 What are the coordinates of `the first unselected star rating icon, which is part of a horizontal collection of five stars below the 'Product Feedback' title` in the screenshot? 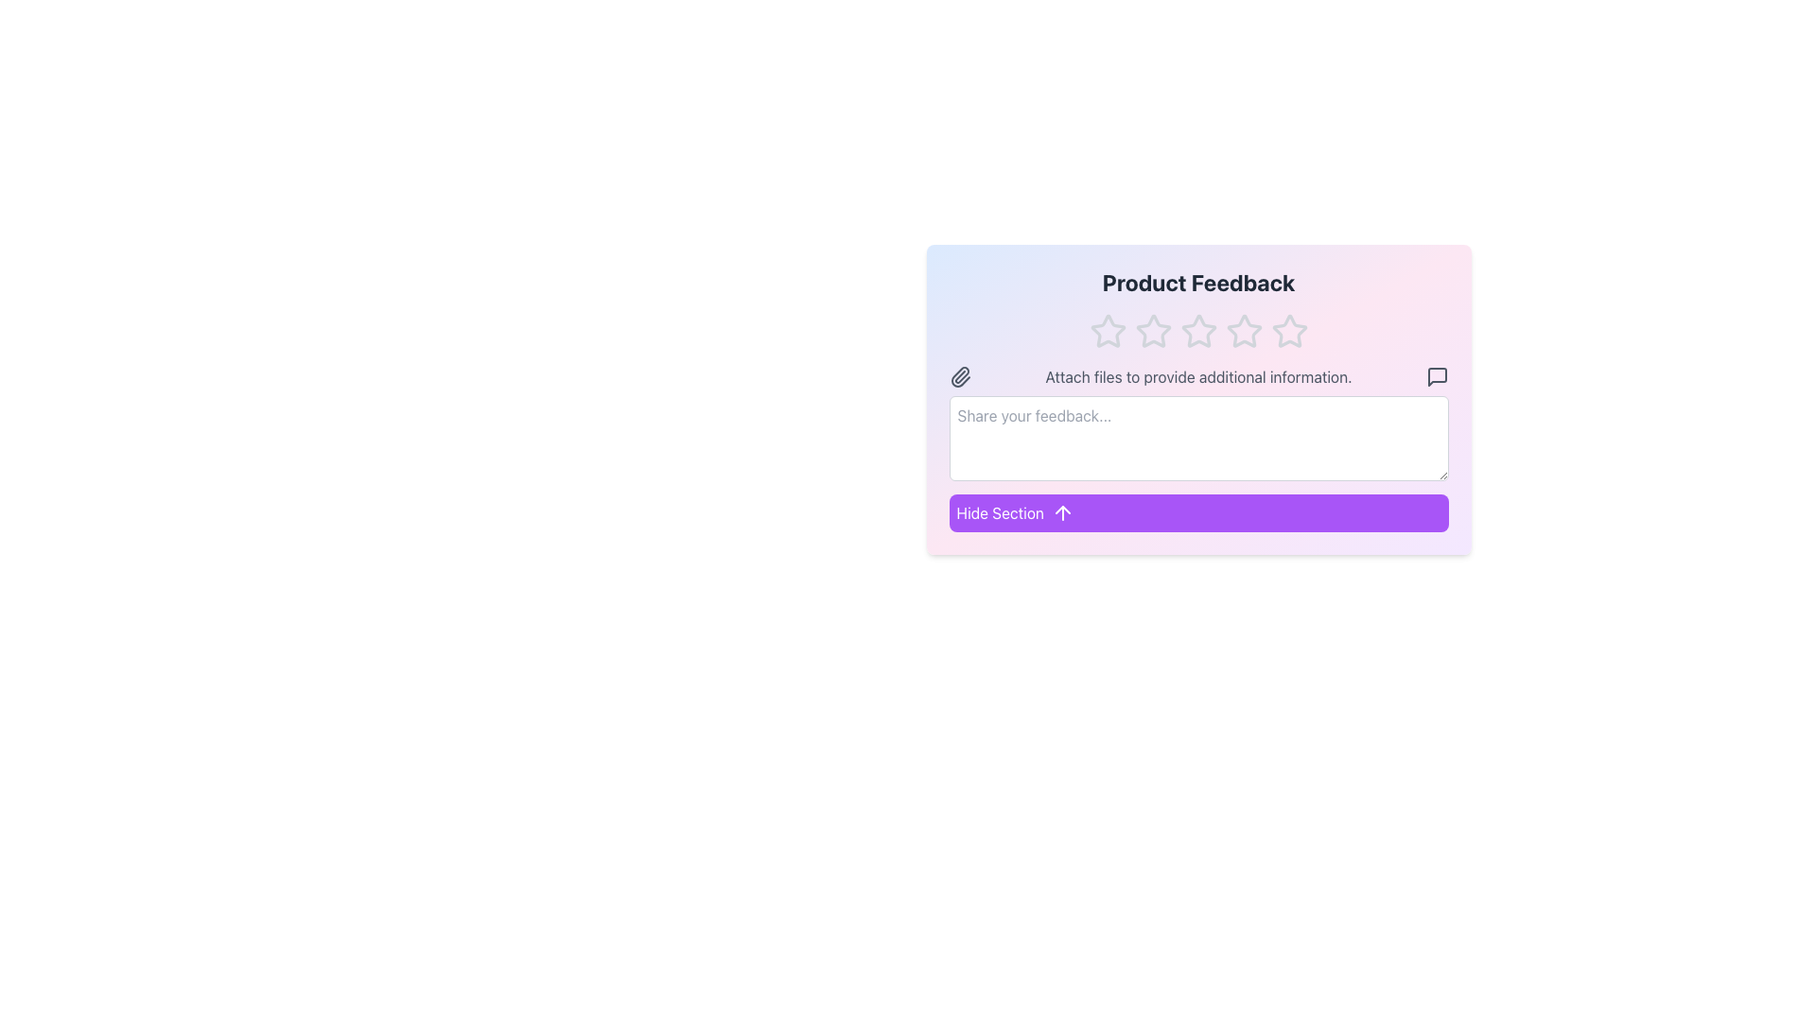 It's located at (1108, 330).